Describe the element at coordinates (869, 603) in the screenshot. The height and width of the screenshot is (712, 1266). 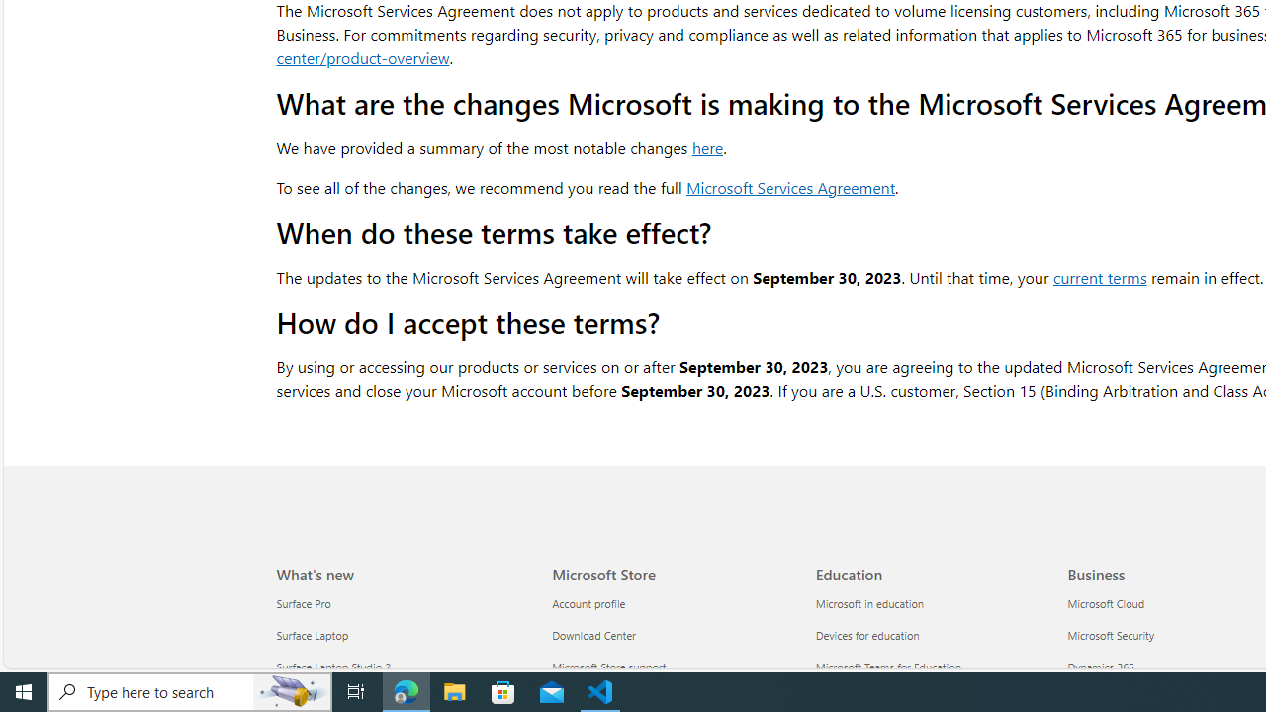
I see `'Microsoft in education Education'` at that location.